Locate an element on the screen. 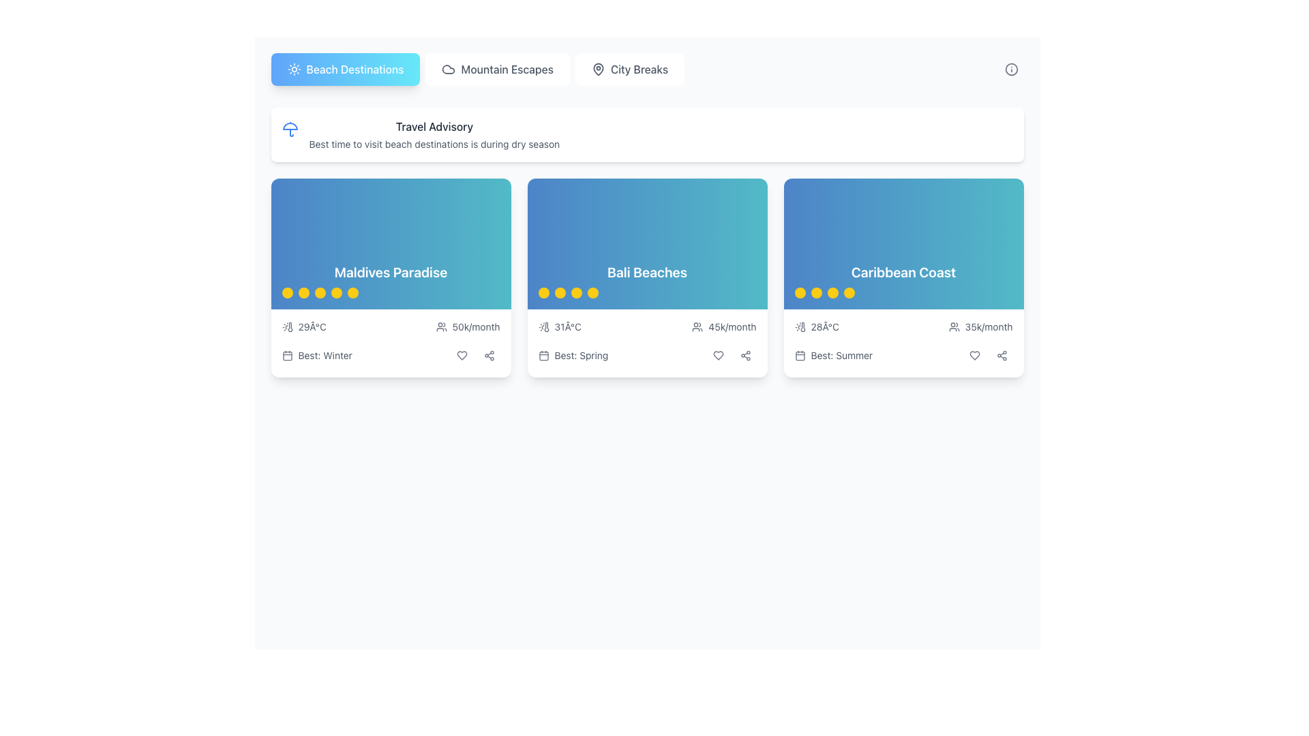  the Interactive button with a heart icon located in the bottom right corner of the 'Caribbean Coast' card to mark it as a favorite is located at coordinates (974, 354).